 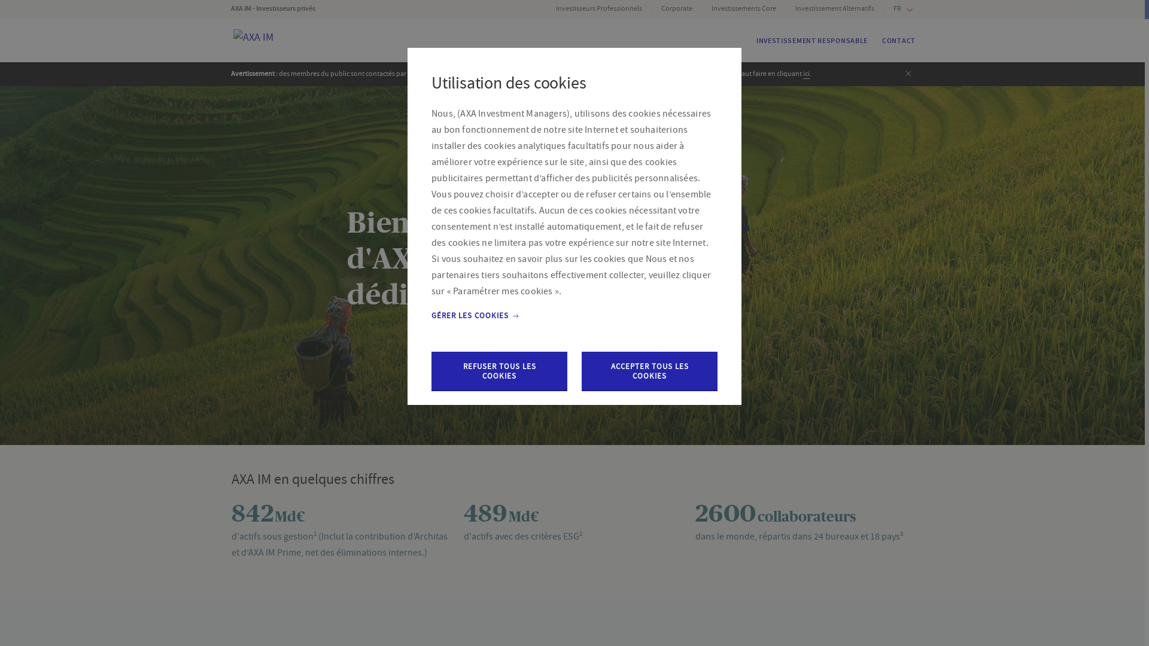 What do you see at coordinates (902, 10) in the screenshot?
I see `'FR'` at bounding box center [902, 10].